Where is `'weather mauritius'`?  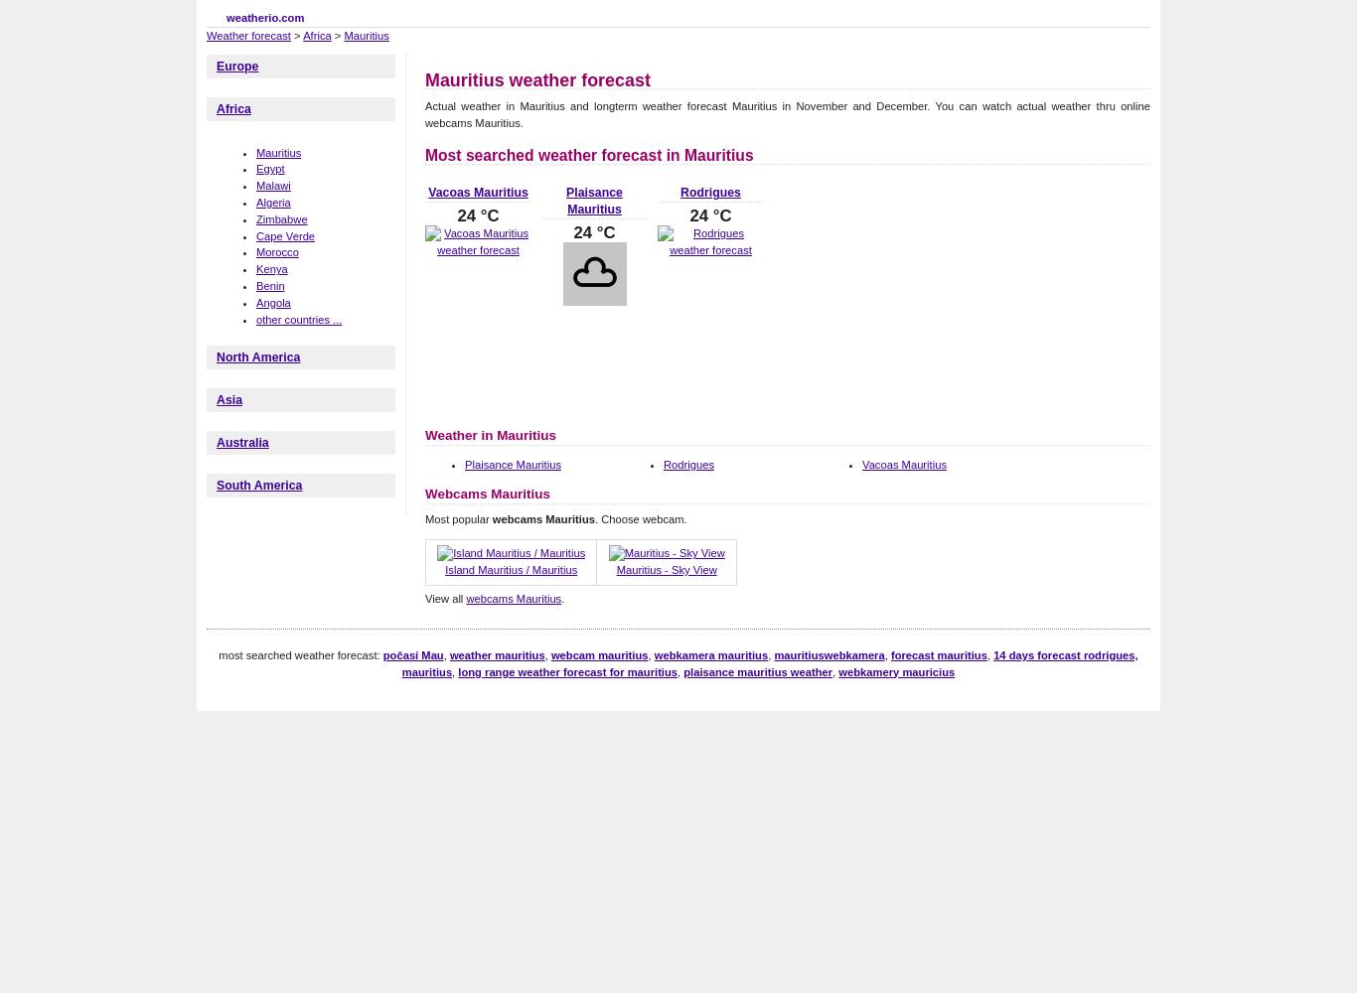 'weather mauritius' is located at coordinates (448, 654).